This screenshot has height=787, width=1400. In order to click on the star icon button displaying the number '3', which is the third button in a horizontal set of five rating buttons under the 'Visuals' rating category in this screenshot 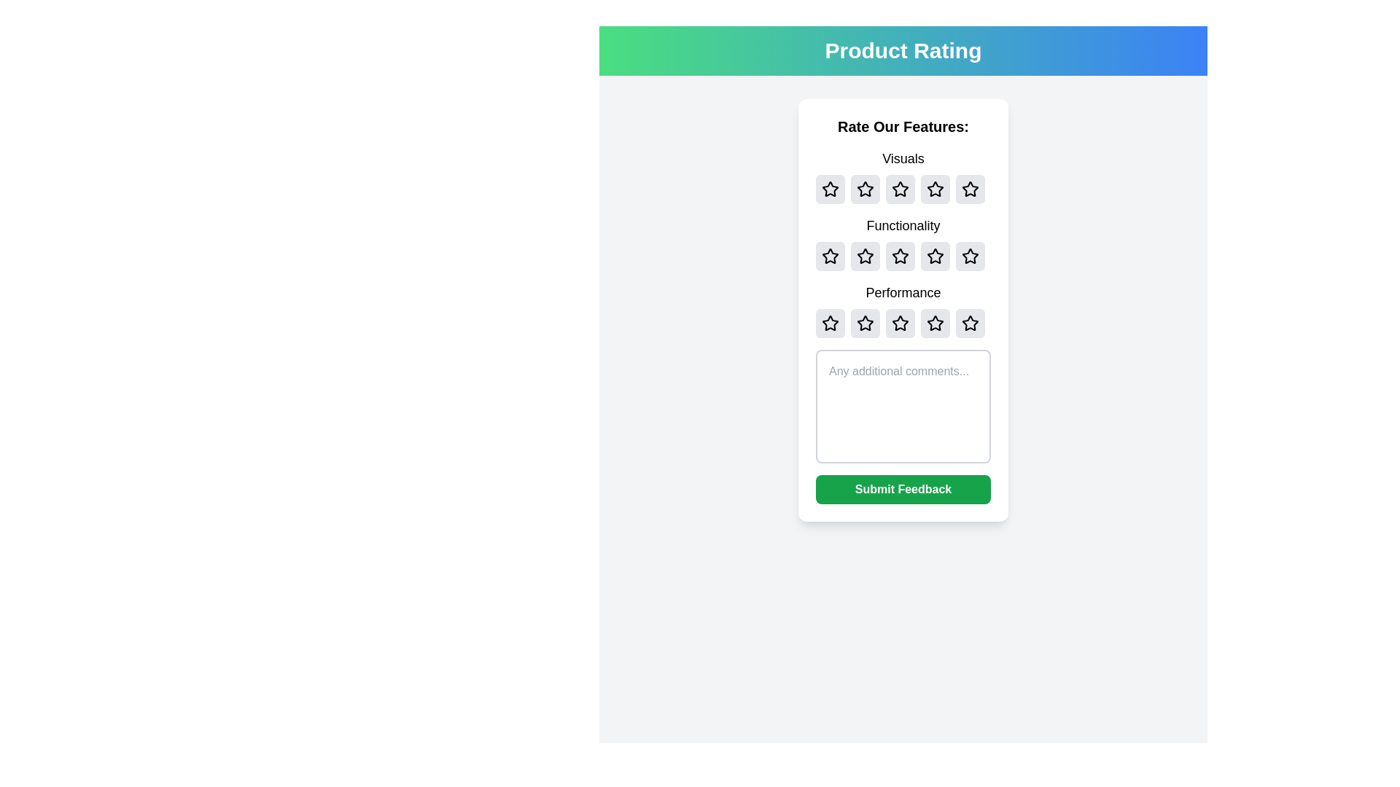, I will do `click(899, 188)`.